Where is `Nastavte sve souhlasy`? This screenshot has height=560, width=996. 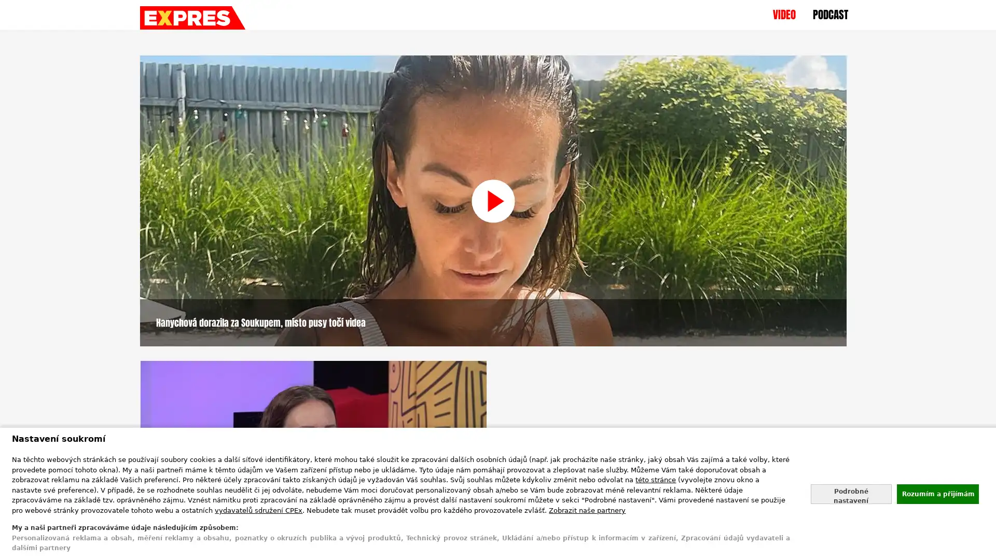
Nastavte sve souhlasy is located at coordinates (851, 493).